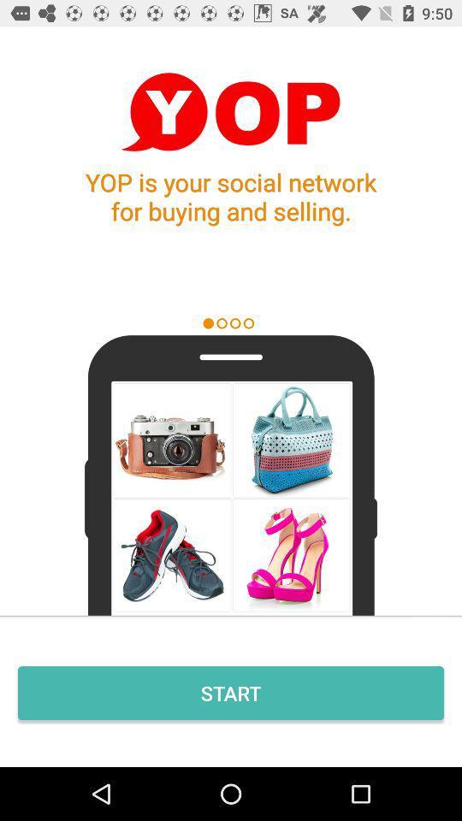 The width and height of the screenshot is (462, 821). Describe the element at coordinates (231, 693) in the screenshot. I see `start icon` at that location.